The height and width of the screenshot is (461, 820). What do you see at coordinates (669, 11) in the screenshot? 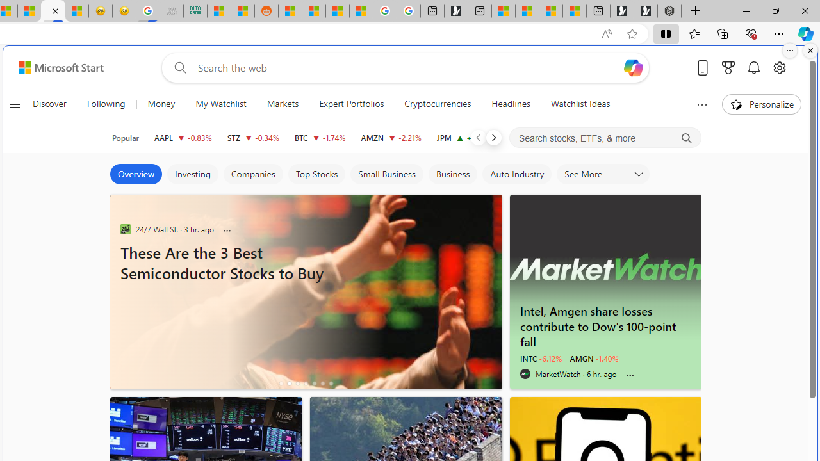
I see `'Nordace - Nordace Siena Is Not An Ordinary Backpack'` at bounding box center [669, 11].